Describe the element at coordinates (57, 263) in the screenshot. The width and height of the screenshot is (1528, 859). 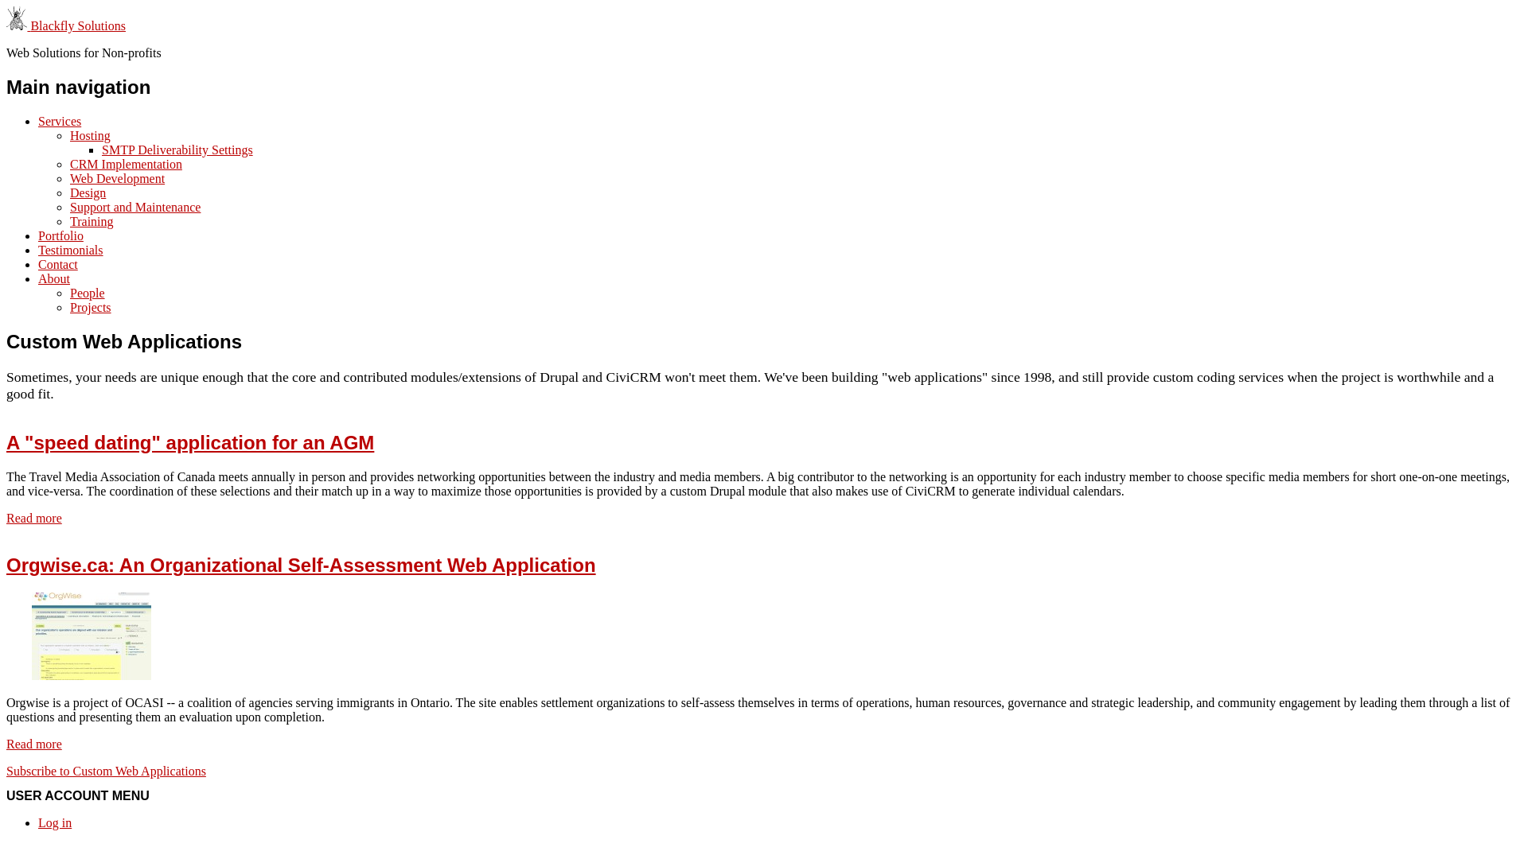
I see `'Contact'` at that location.